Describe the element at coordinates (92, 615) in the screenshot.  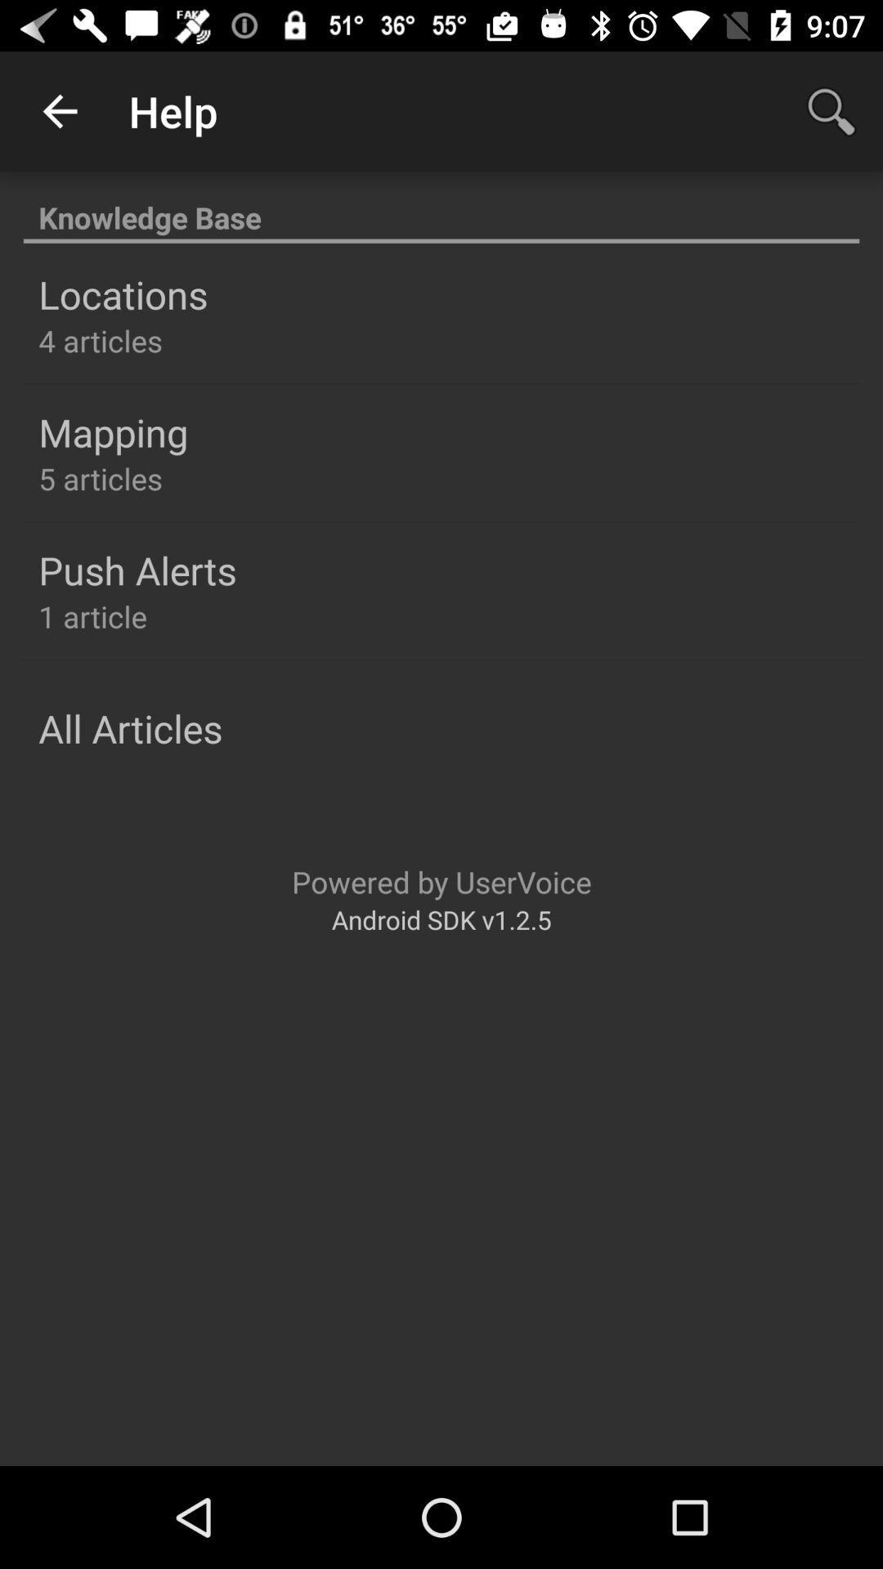
I see `icon below the push alerts icon` at that location.